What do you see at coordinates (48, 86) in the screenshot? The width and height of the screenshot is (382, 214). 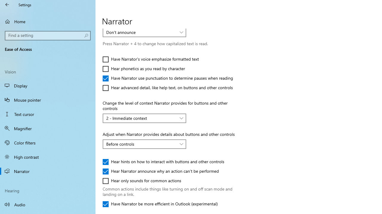 I see `'Display'` at bounding box center [48, 86].